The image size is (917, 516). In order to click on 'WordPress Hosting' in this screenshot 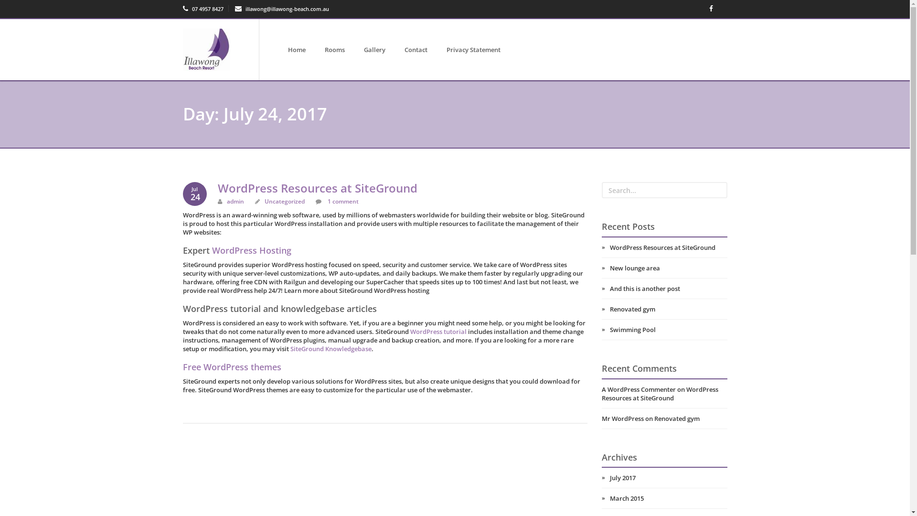, I will do `click(252, 250)`.